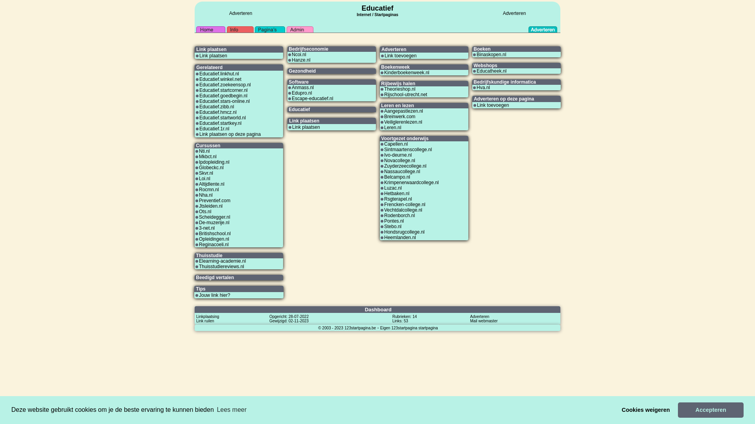  What do you see at coordinates (491, 71) in the screenshot?
I see `'Educatheek.nl'` at bounding box center [491, 71].